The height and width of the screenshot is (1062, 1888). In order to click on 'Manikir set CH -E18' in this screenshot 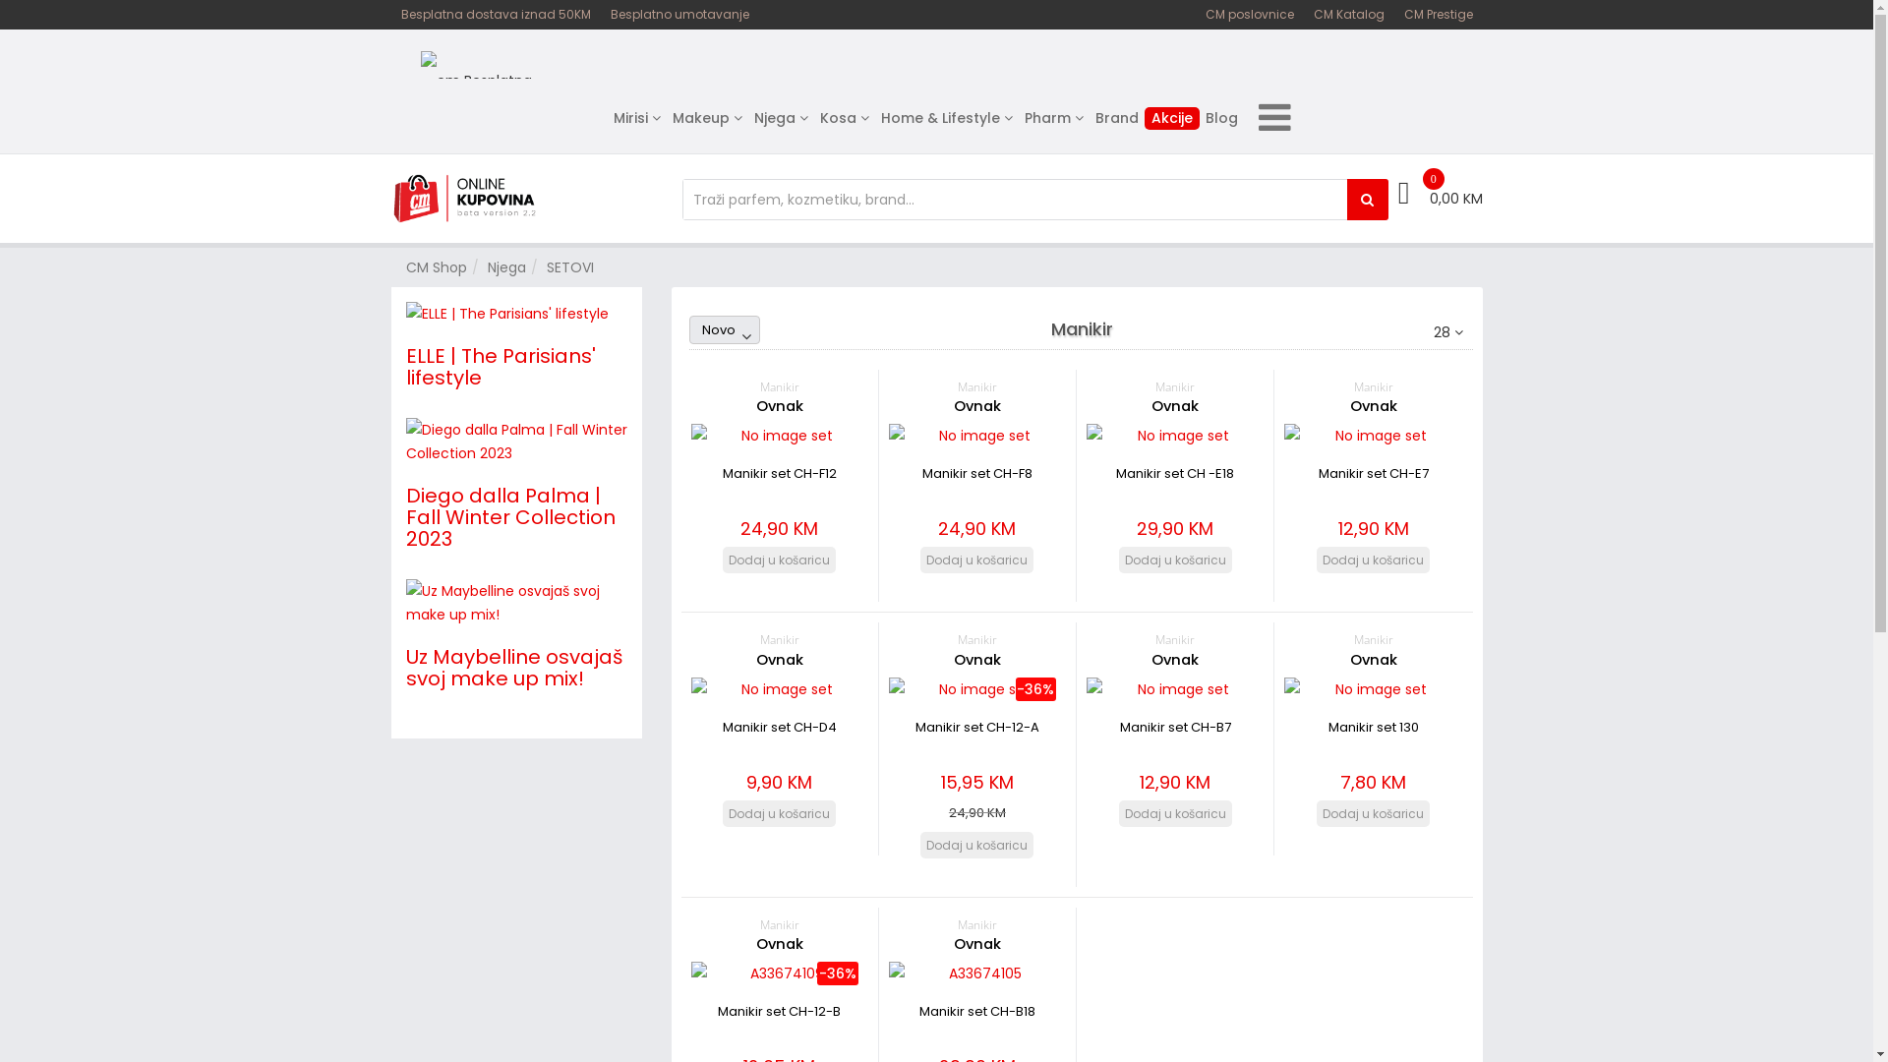, I will do `click(1175, 435)`.